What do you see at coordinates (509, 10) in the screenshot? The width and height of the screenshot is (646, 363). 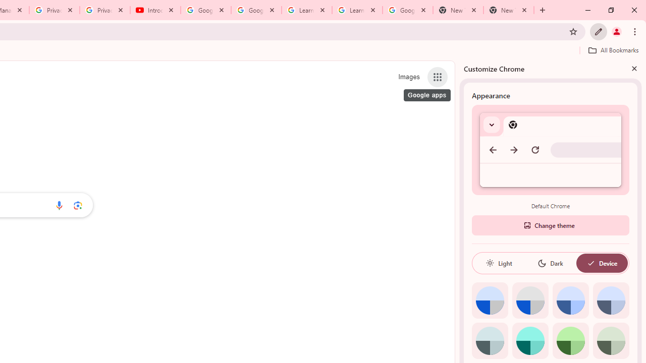 I see `'New Tab'` at bounding box center [509, 10].